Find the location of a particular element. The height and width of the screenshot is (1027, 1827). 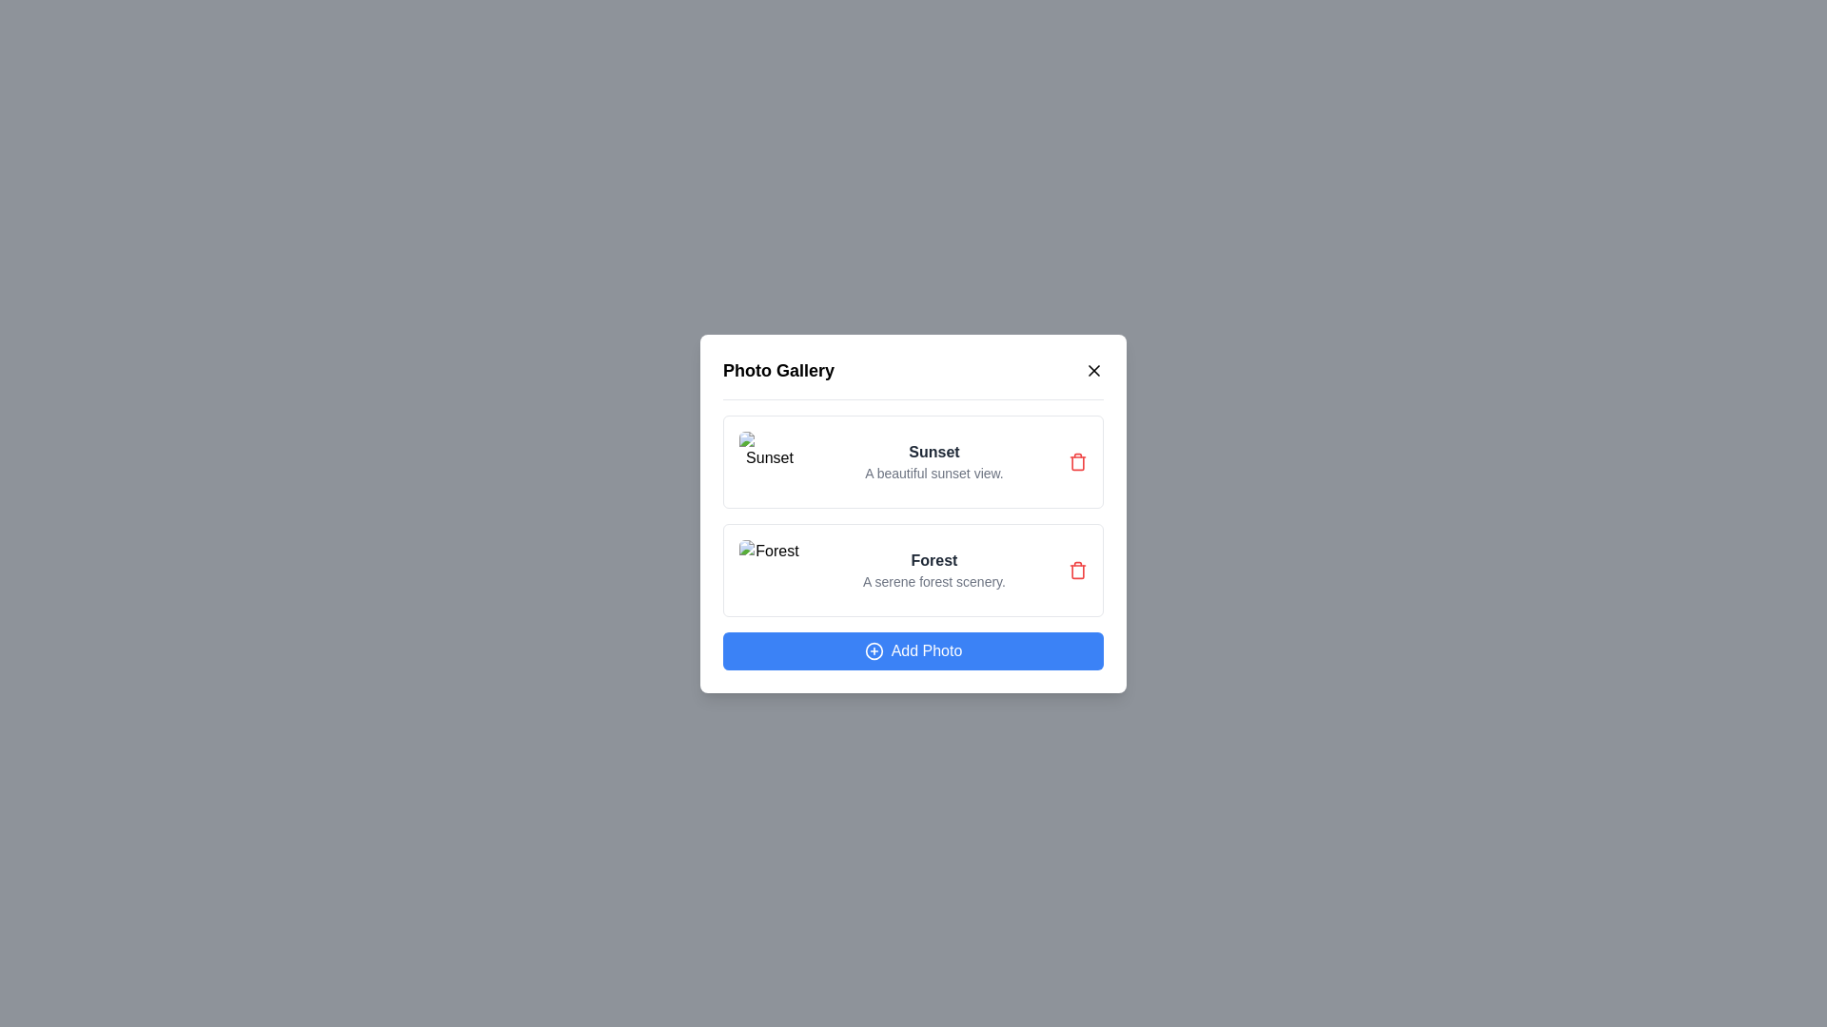

the trash icon button is located at coordinates (1077, 462).